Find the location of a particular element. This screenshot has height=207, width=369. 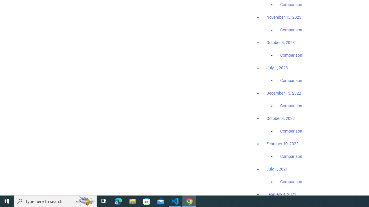

'December 15, 2022' is located at coordinates (284, 93).